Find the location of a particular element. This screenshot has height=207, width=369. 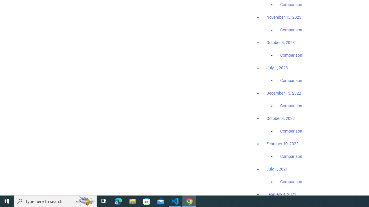

'December 15, 2022' is located at coordinates (284, 93).